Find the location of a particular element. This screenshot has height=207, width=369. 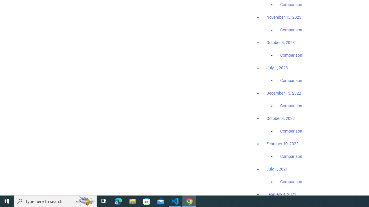

'December 15, 2022' is located at coordinates (284, 93).